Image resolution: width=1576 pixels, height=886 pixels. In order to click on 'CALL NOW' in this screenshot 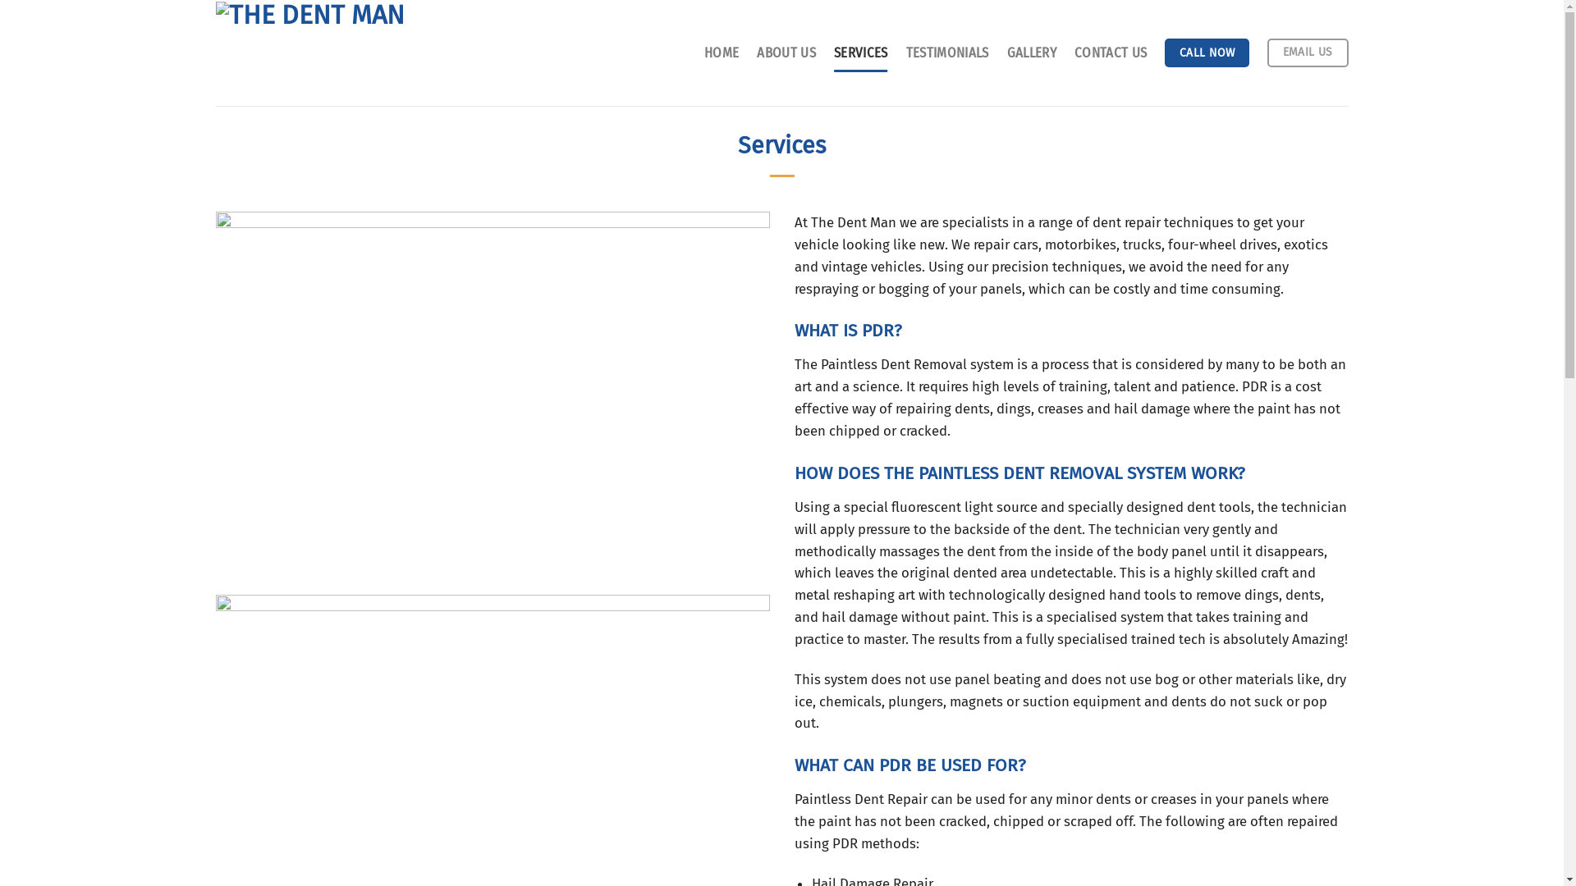, I will do `click(1207, 52)`.